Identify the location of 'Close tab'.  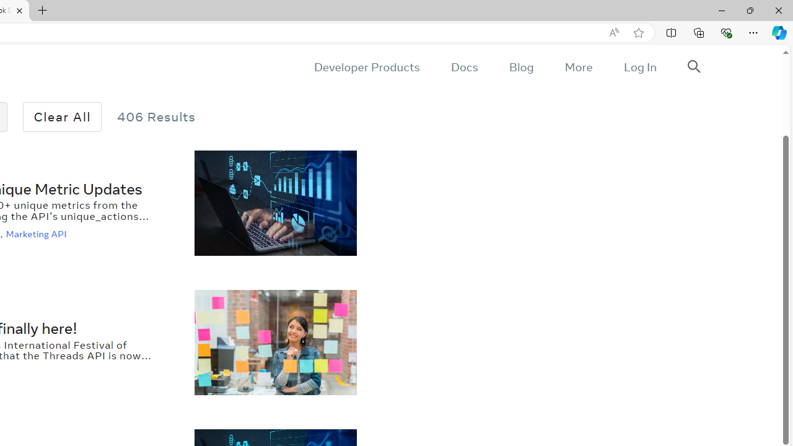
(19, 11).